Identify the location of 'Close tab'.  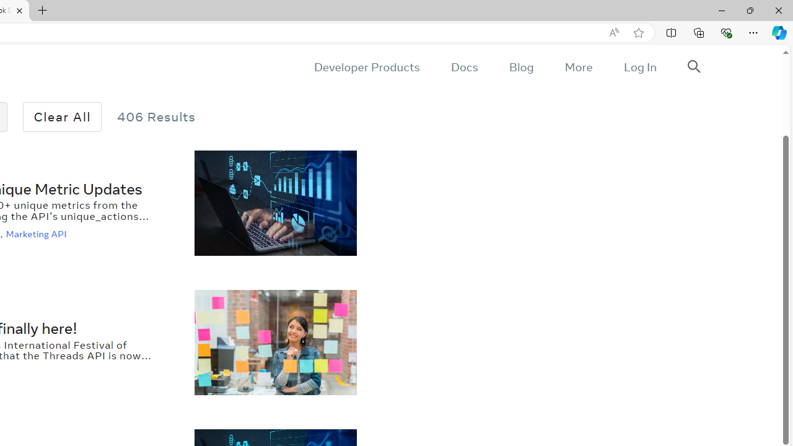
(19, 11).